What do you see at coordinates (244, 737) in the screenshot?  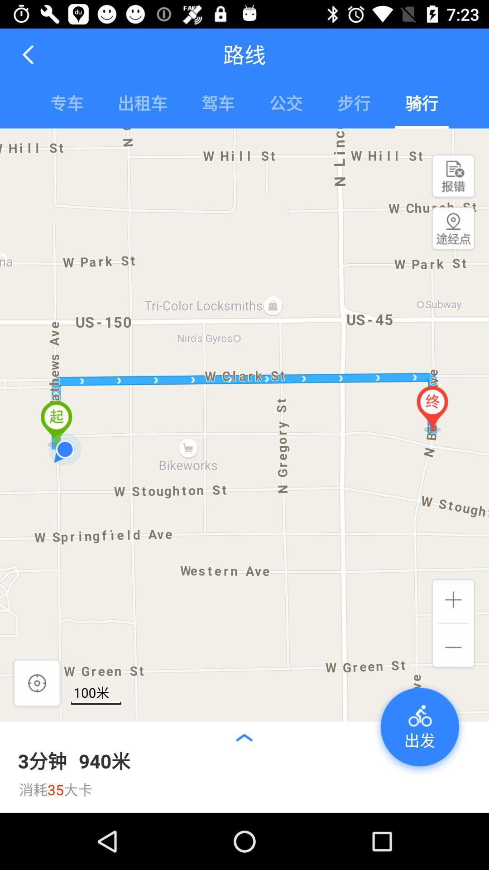 I see `the expand_less icon` at bounding box center [244, 737].